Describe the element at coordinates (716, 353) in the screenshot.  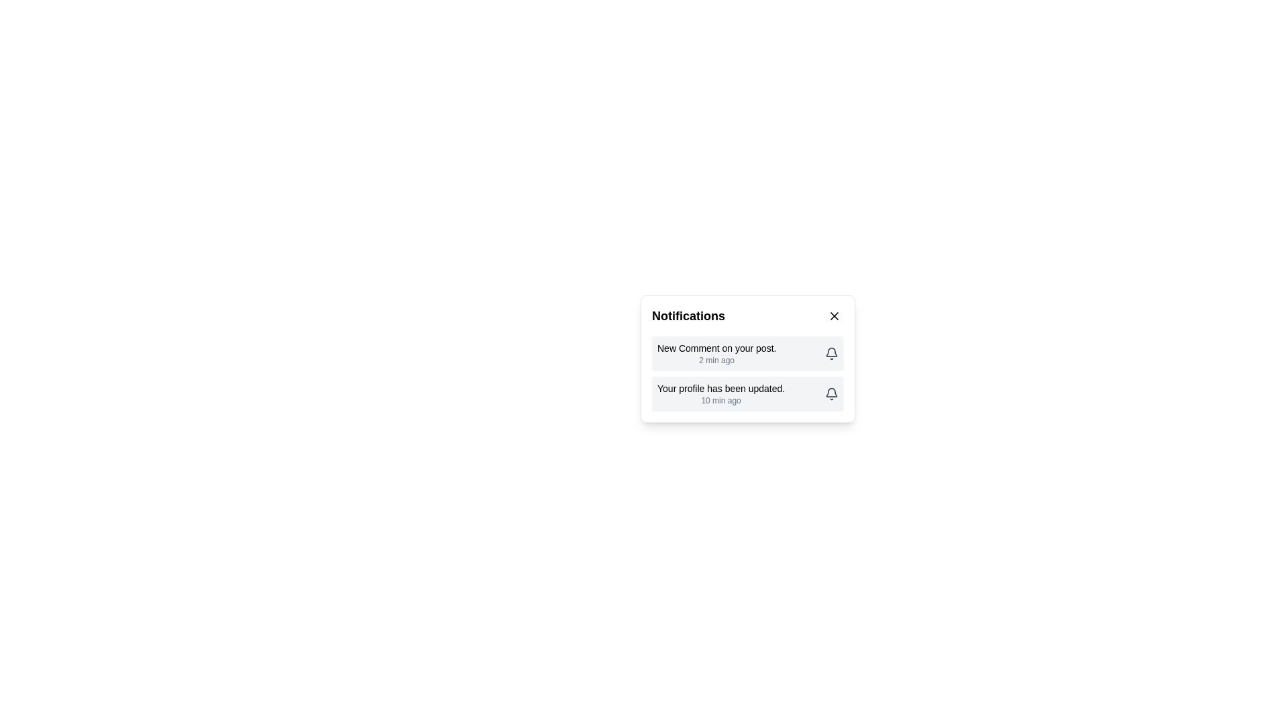
I see `the notification message indicating a new comment, located in the second row of the notification list below the 'Notifications' header` at that location.